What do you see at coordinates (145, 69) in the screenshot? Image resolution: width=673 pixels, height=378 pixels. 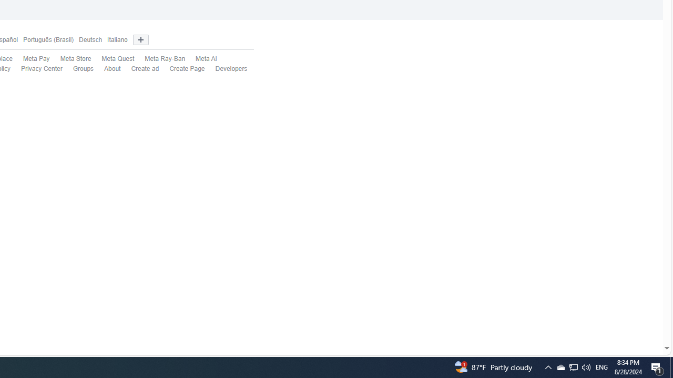 I see `'Create ad'` at bounding box center [145, 69].